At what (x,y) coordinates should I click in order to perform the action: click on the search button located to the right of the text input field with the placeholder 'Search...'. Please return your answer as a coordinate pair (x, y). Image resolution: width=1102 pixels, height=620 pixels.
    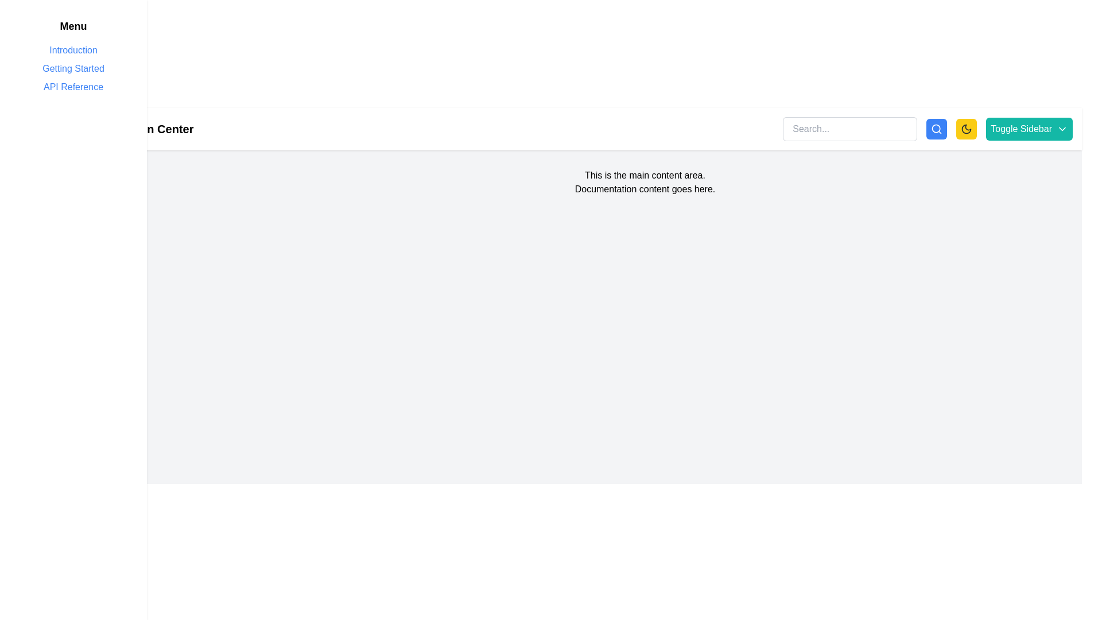
    Looking at the image, I should click on (937, 129).